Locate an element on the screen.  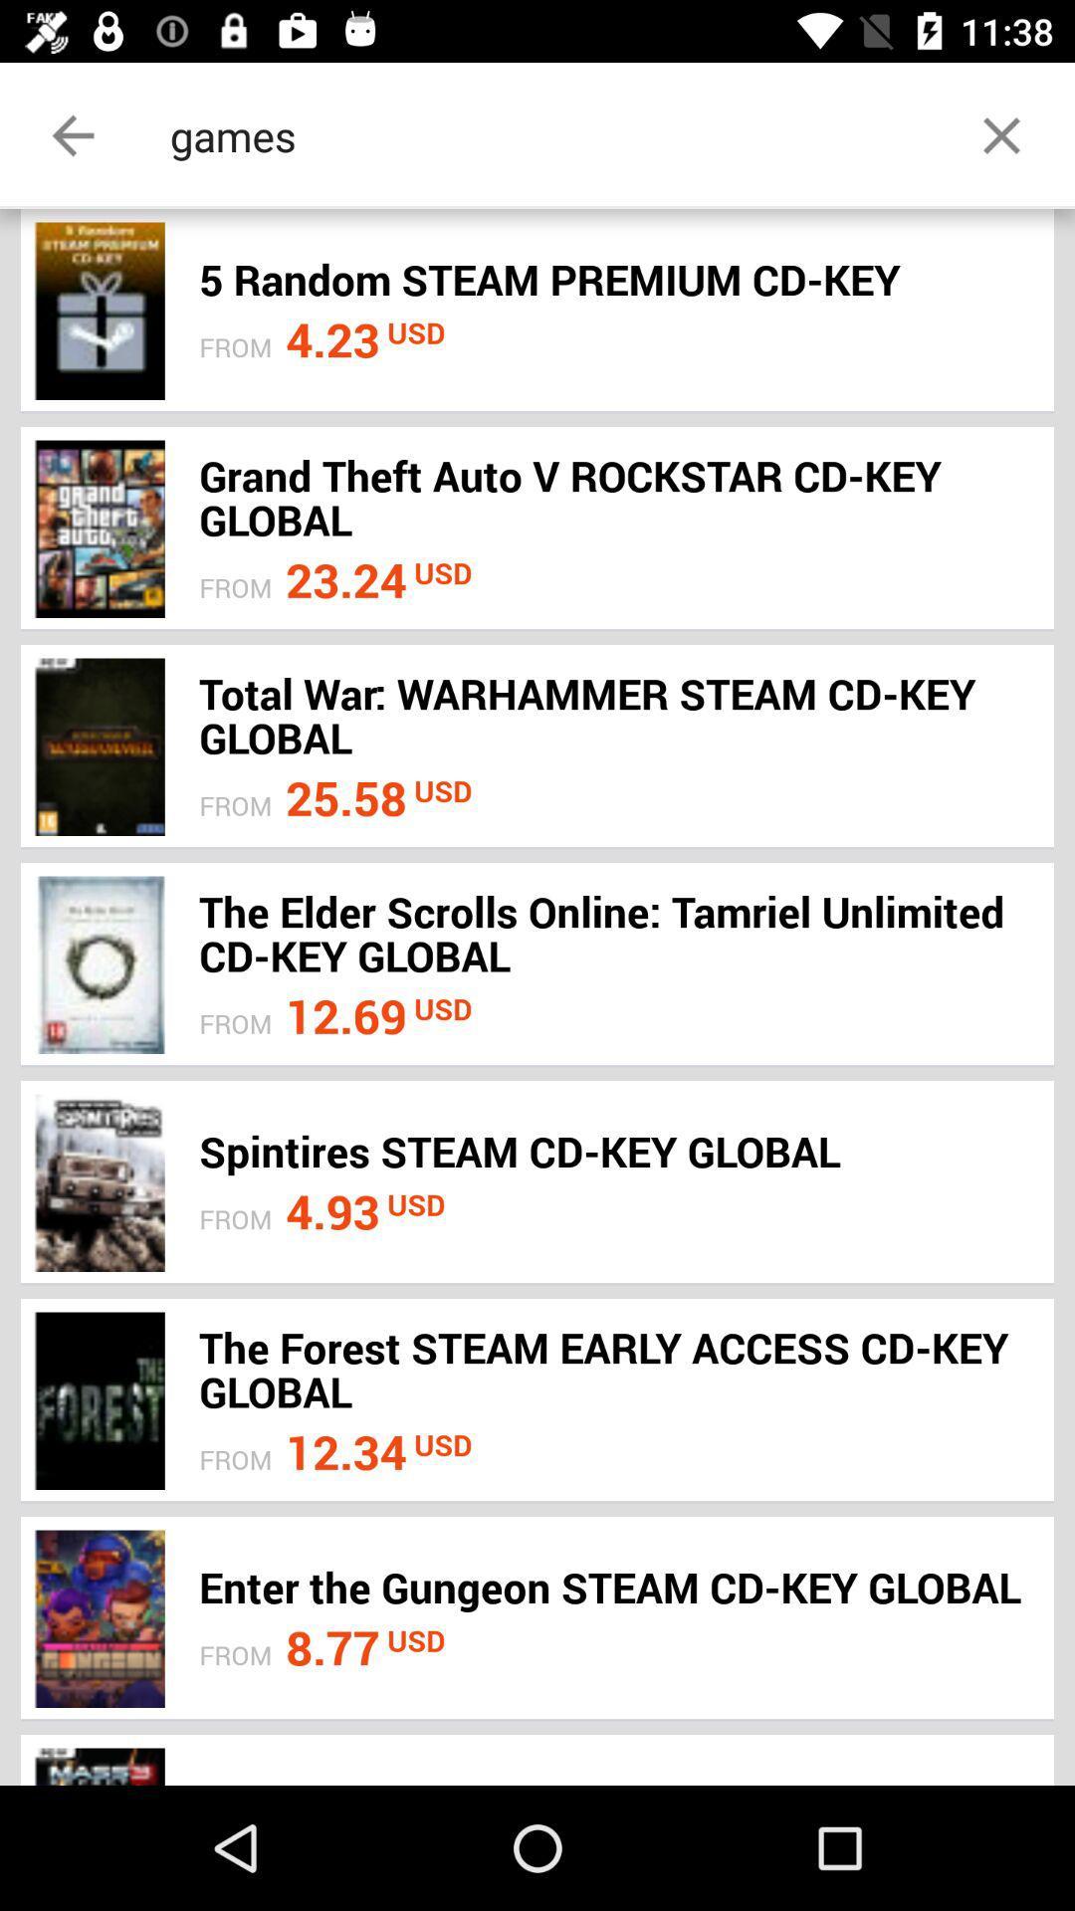
the close icon is located at coordinates (1001, 134).